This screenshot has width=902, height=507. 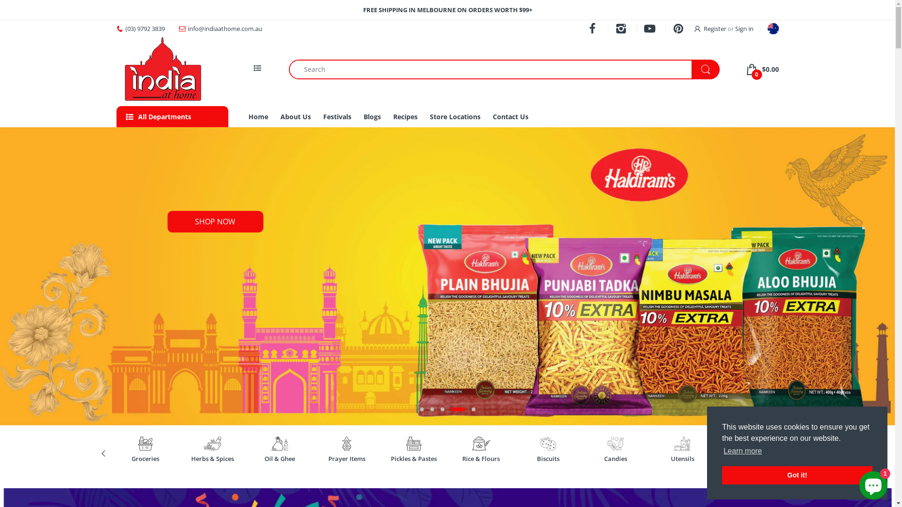 What do you see at coordinates (734, 28) in the screenshot?
I see `'Sign in'` at bounding box center [734, 28].